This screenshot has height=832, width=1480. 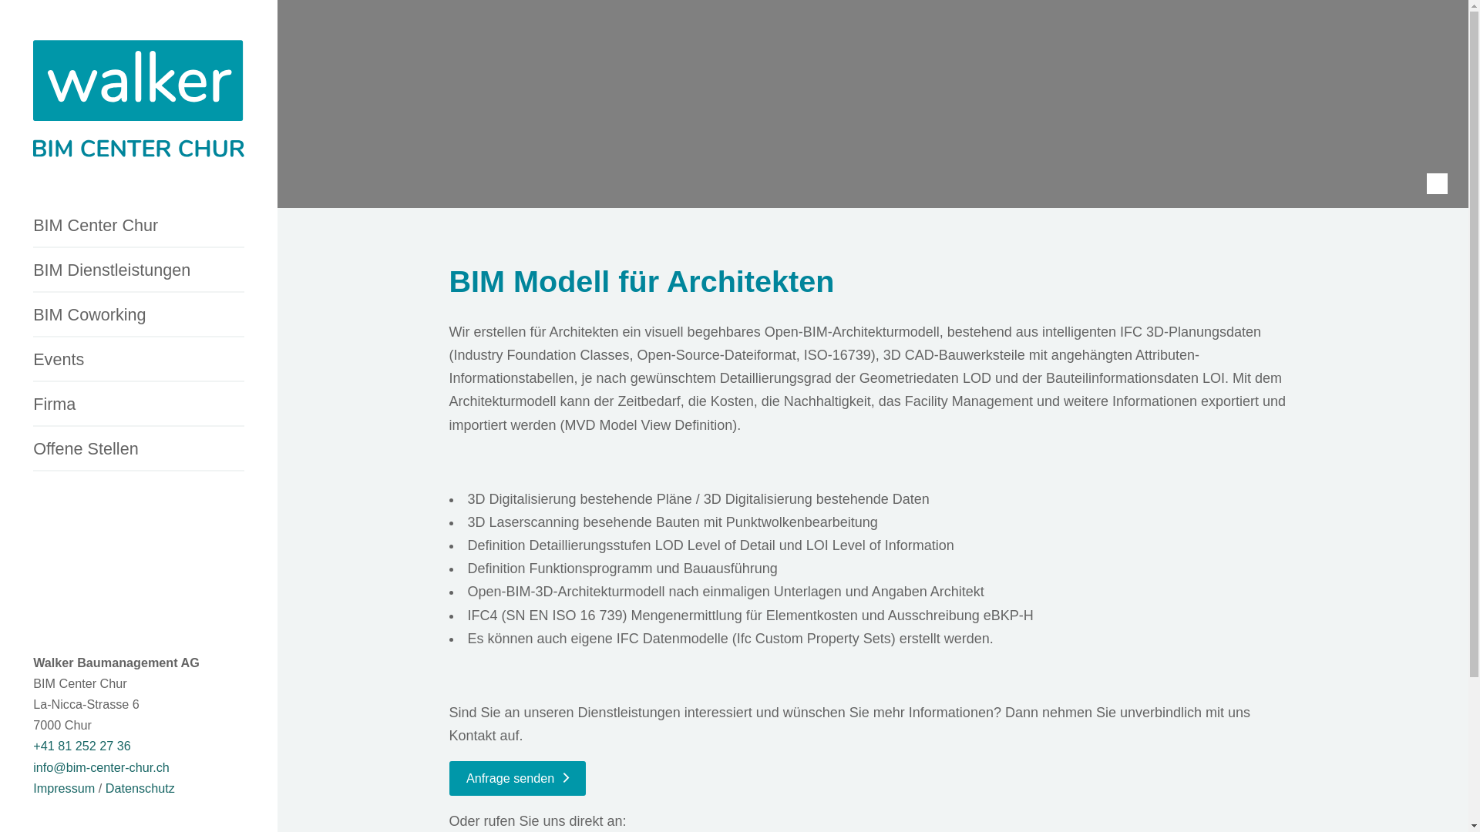 What do you see at coordinates (62, 787) in the screenshot?
I see `'Impressum'` at bounding box center [62, 787].